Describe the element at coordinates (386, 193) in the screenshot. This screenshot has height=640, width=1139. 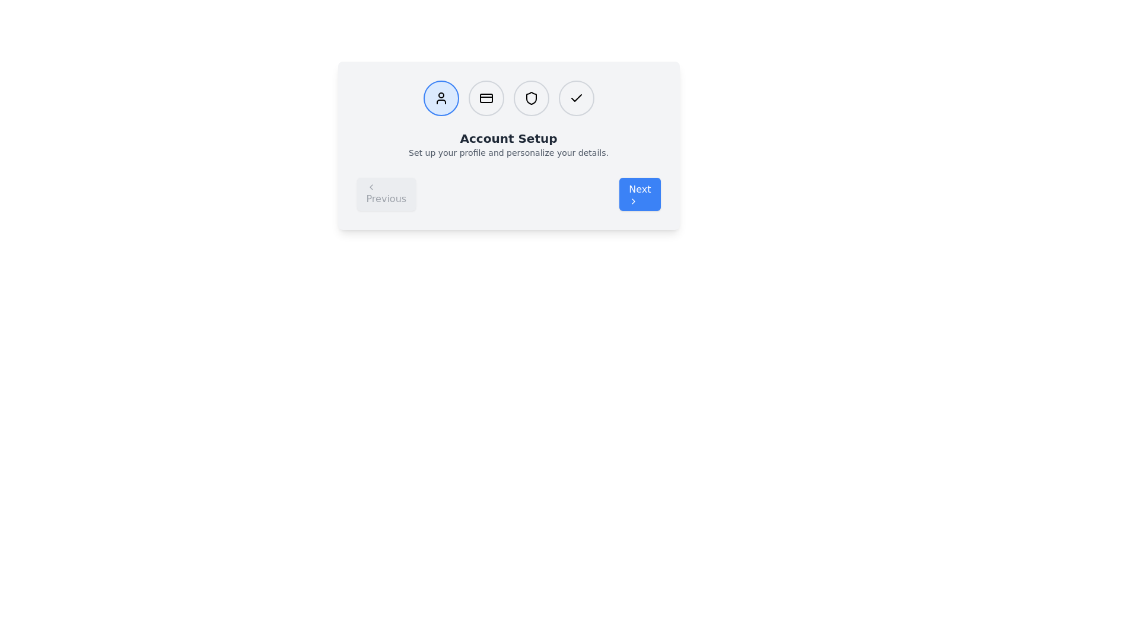
I see `the 'Previous' button, which is a rectangular button with rounded corners, gray background, and gray text, located at the bottom left of a card-like component` at that location.